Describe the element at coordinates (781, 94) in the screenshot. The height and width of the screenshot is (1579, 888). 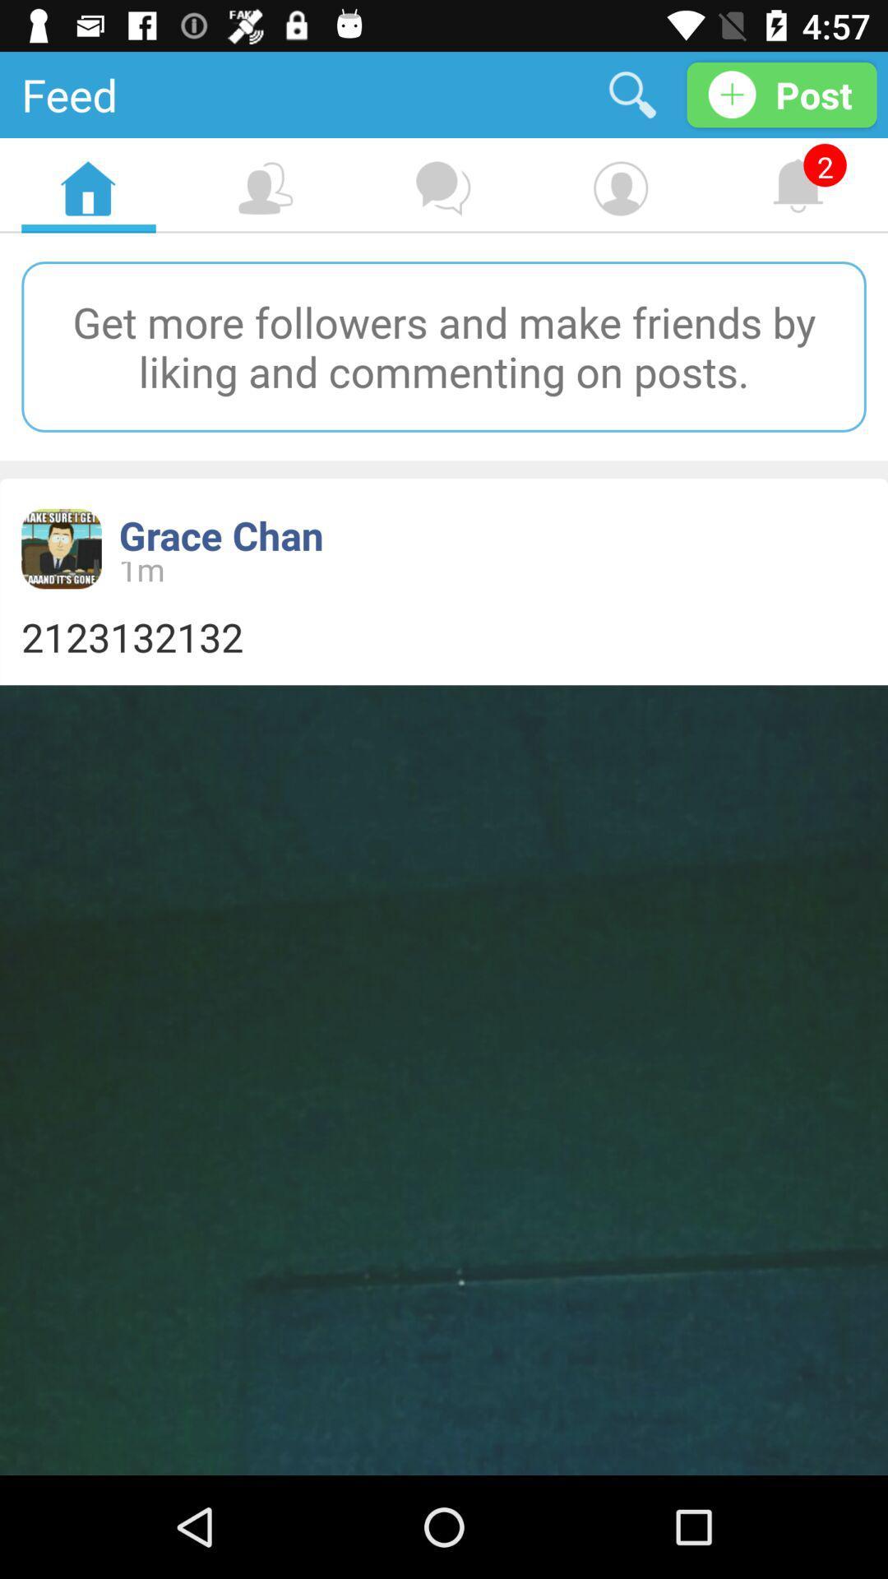
I see `icon above 2` at that location.